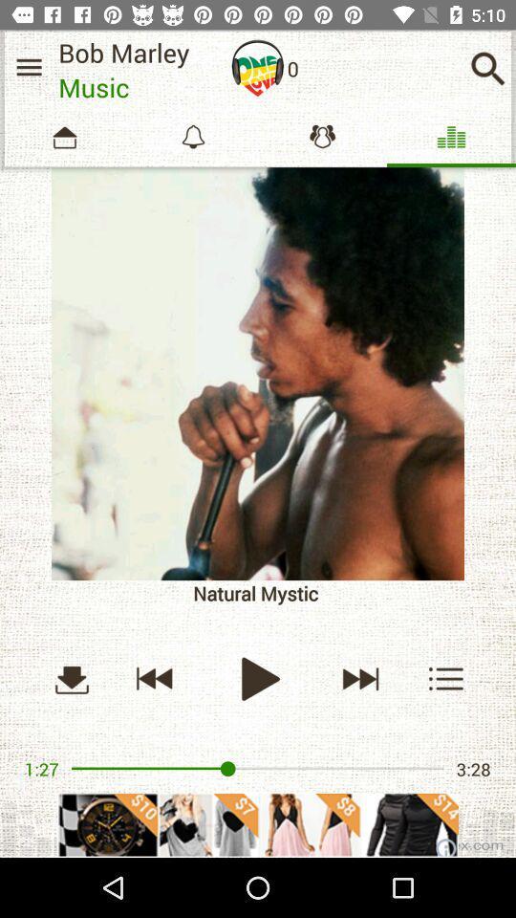 Image resolution: width=516 pixels, height=918 pixels. I want to click on menu button, so click(28, 67).